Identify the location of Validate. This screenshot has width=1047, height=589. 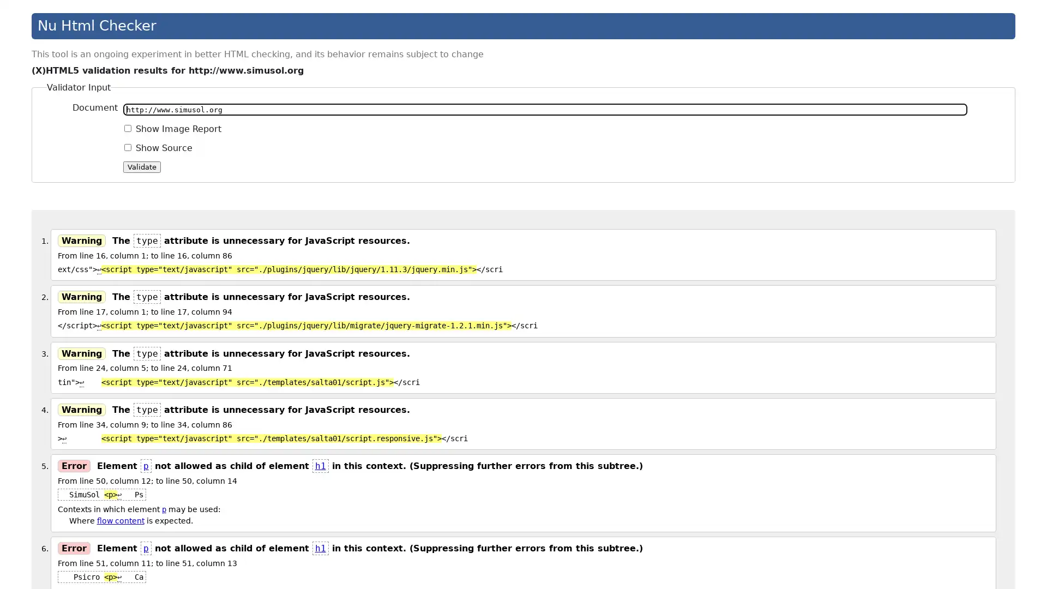
(141, 166).